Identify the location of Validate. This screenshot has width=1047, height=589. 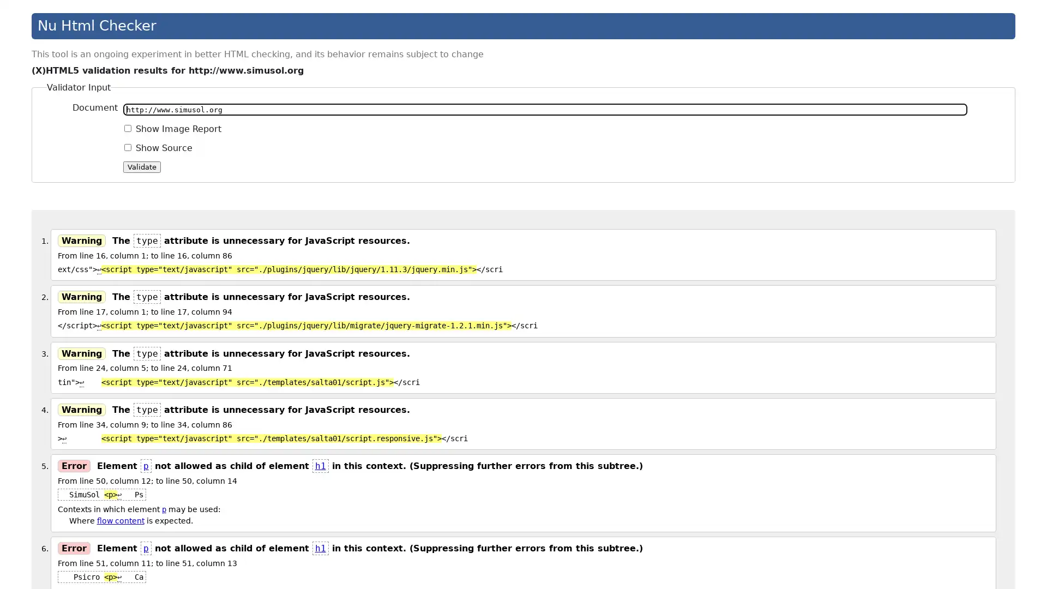
(141, 166).